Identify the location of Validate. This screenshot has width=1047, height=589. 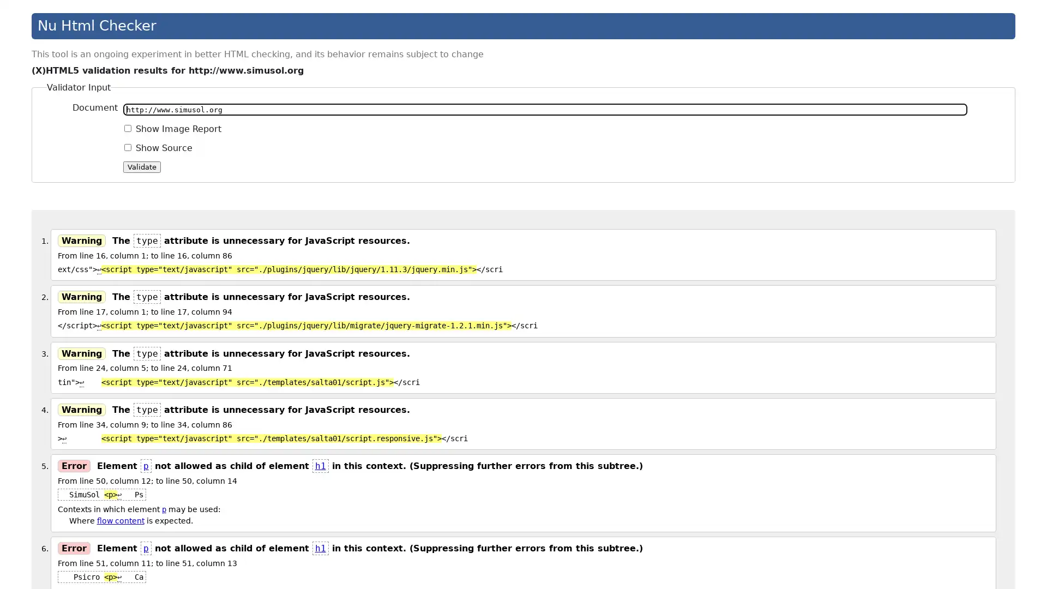
(141, 166).